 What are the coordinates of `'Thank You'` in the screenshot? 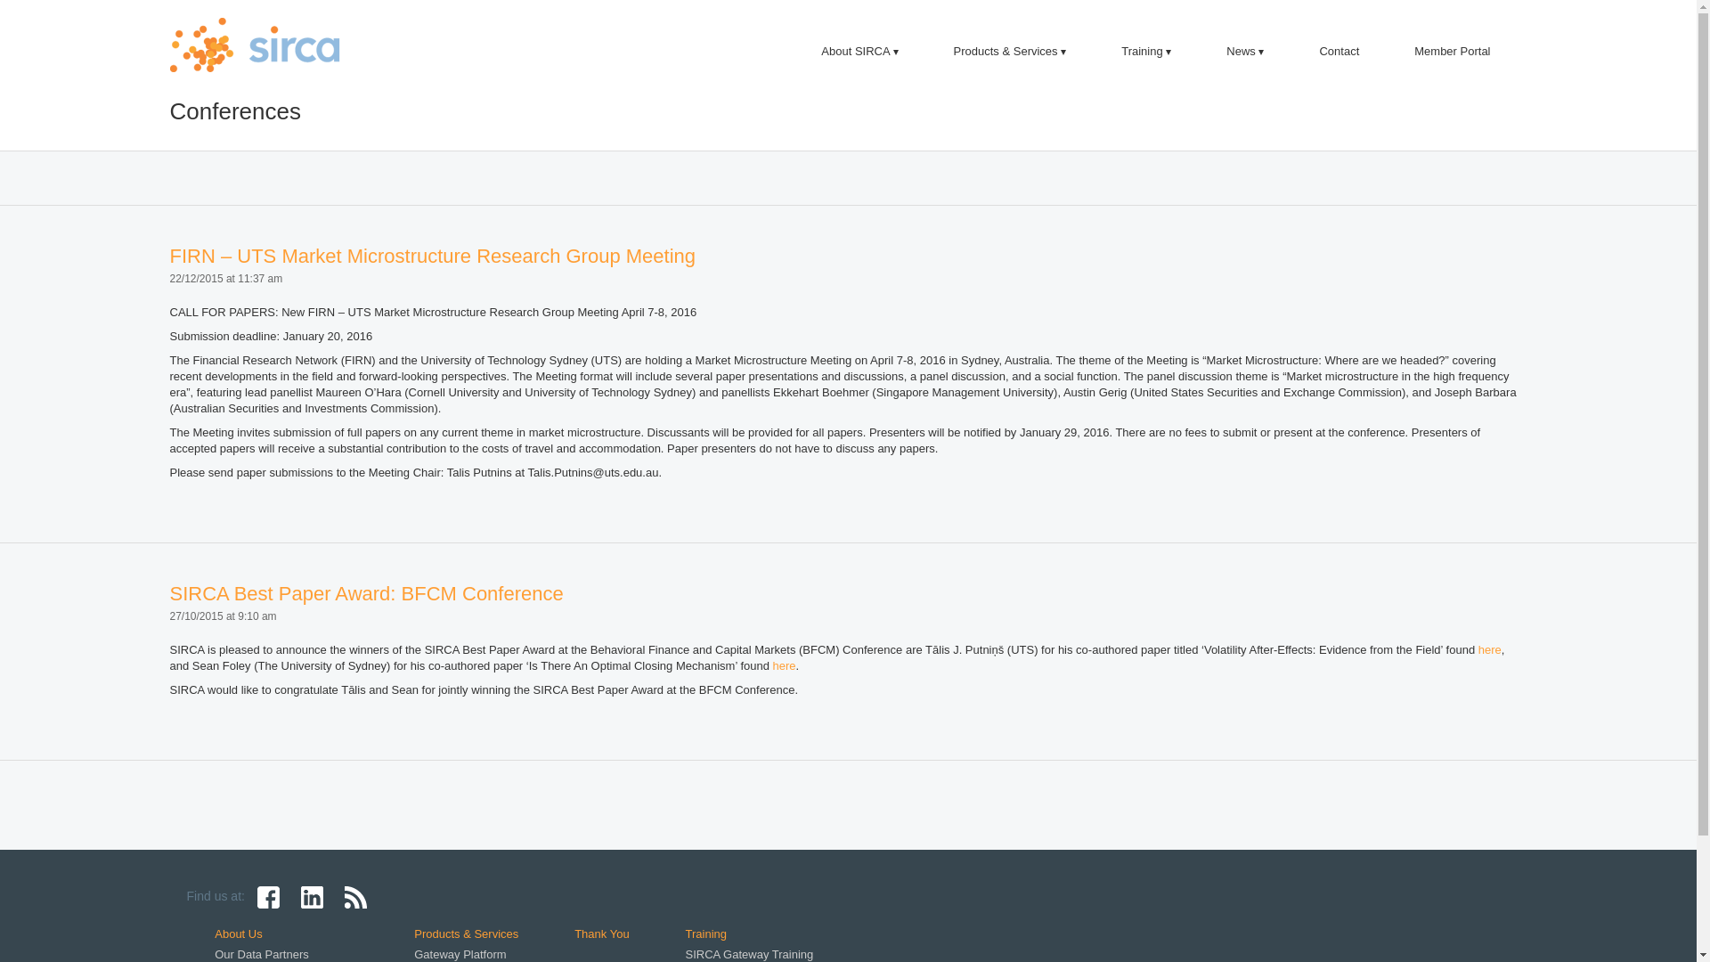 It's located at (574, 933).